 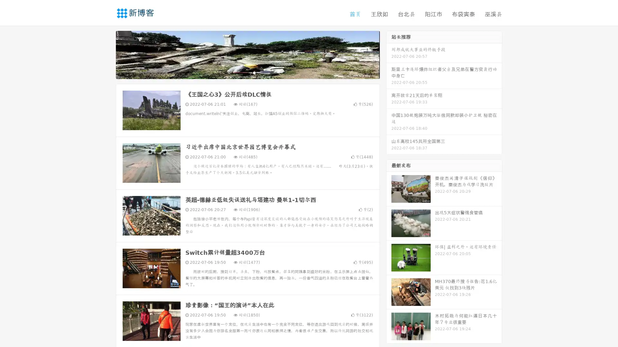 I want to click on Go to slide 2, so click(x=247, y=72).